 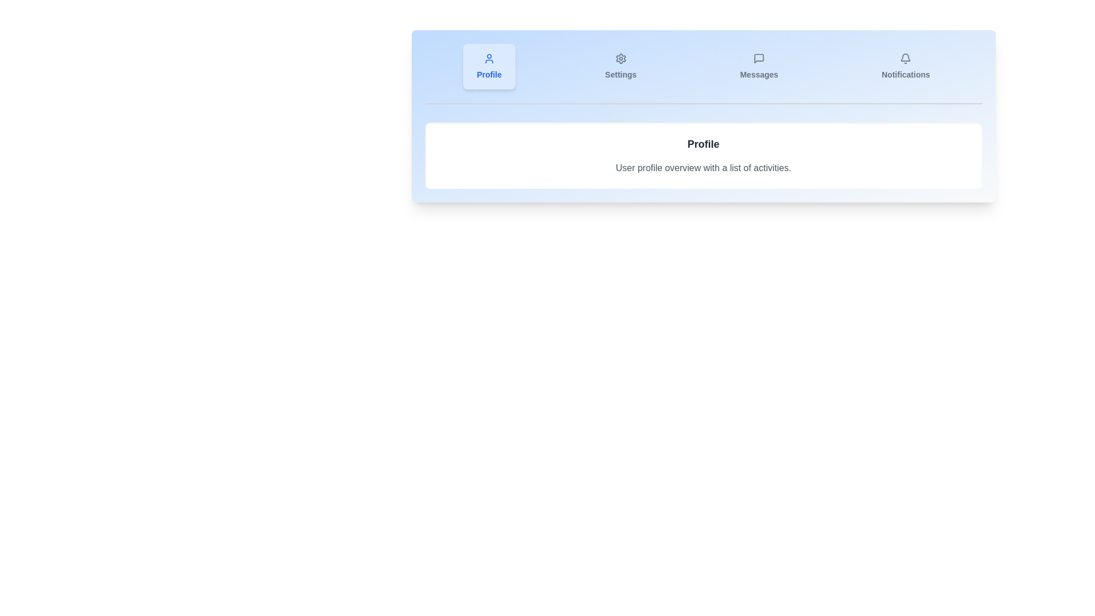 What do you see at coordinates (489, 66) in the screenshot?
I see `the tab button labeled Profile to switch to the corresponding tab` at bounding box center [489, 66].